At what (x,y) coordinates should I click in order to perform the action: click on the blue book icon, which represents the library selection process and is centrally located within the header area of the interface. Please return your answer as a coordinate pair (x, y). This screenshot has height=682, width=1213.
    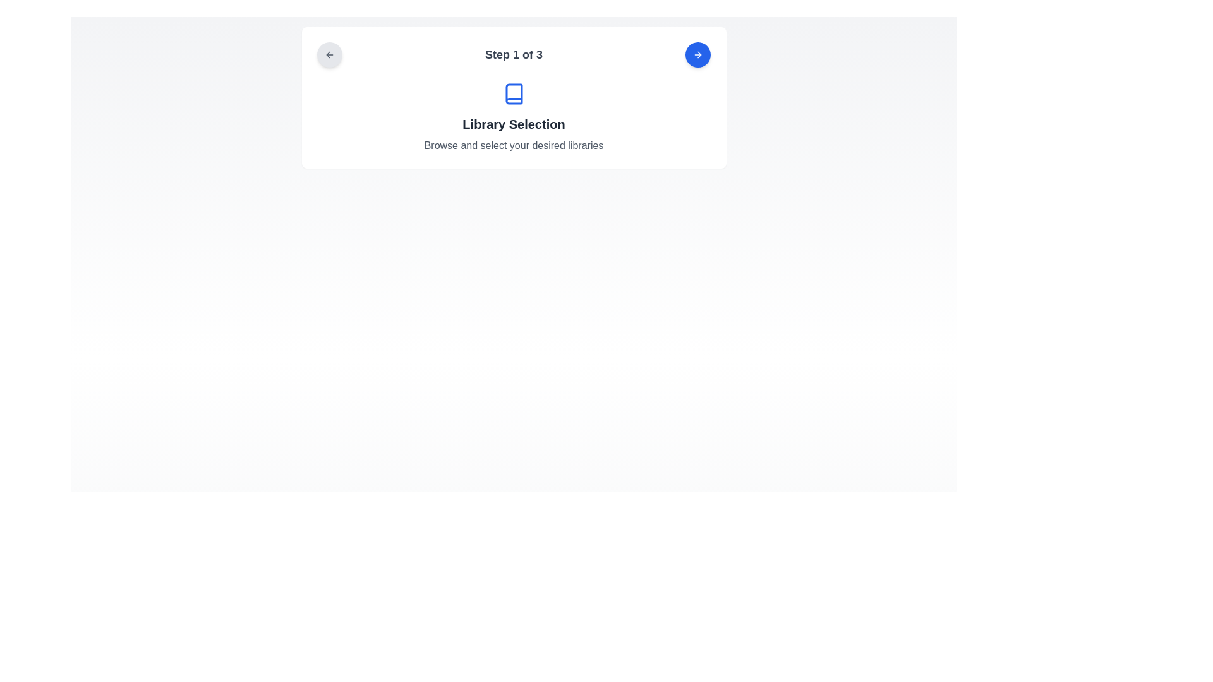
    Looking at the image, I should click on (514, 93).